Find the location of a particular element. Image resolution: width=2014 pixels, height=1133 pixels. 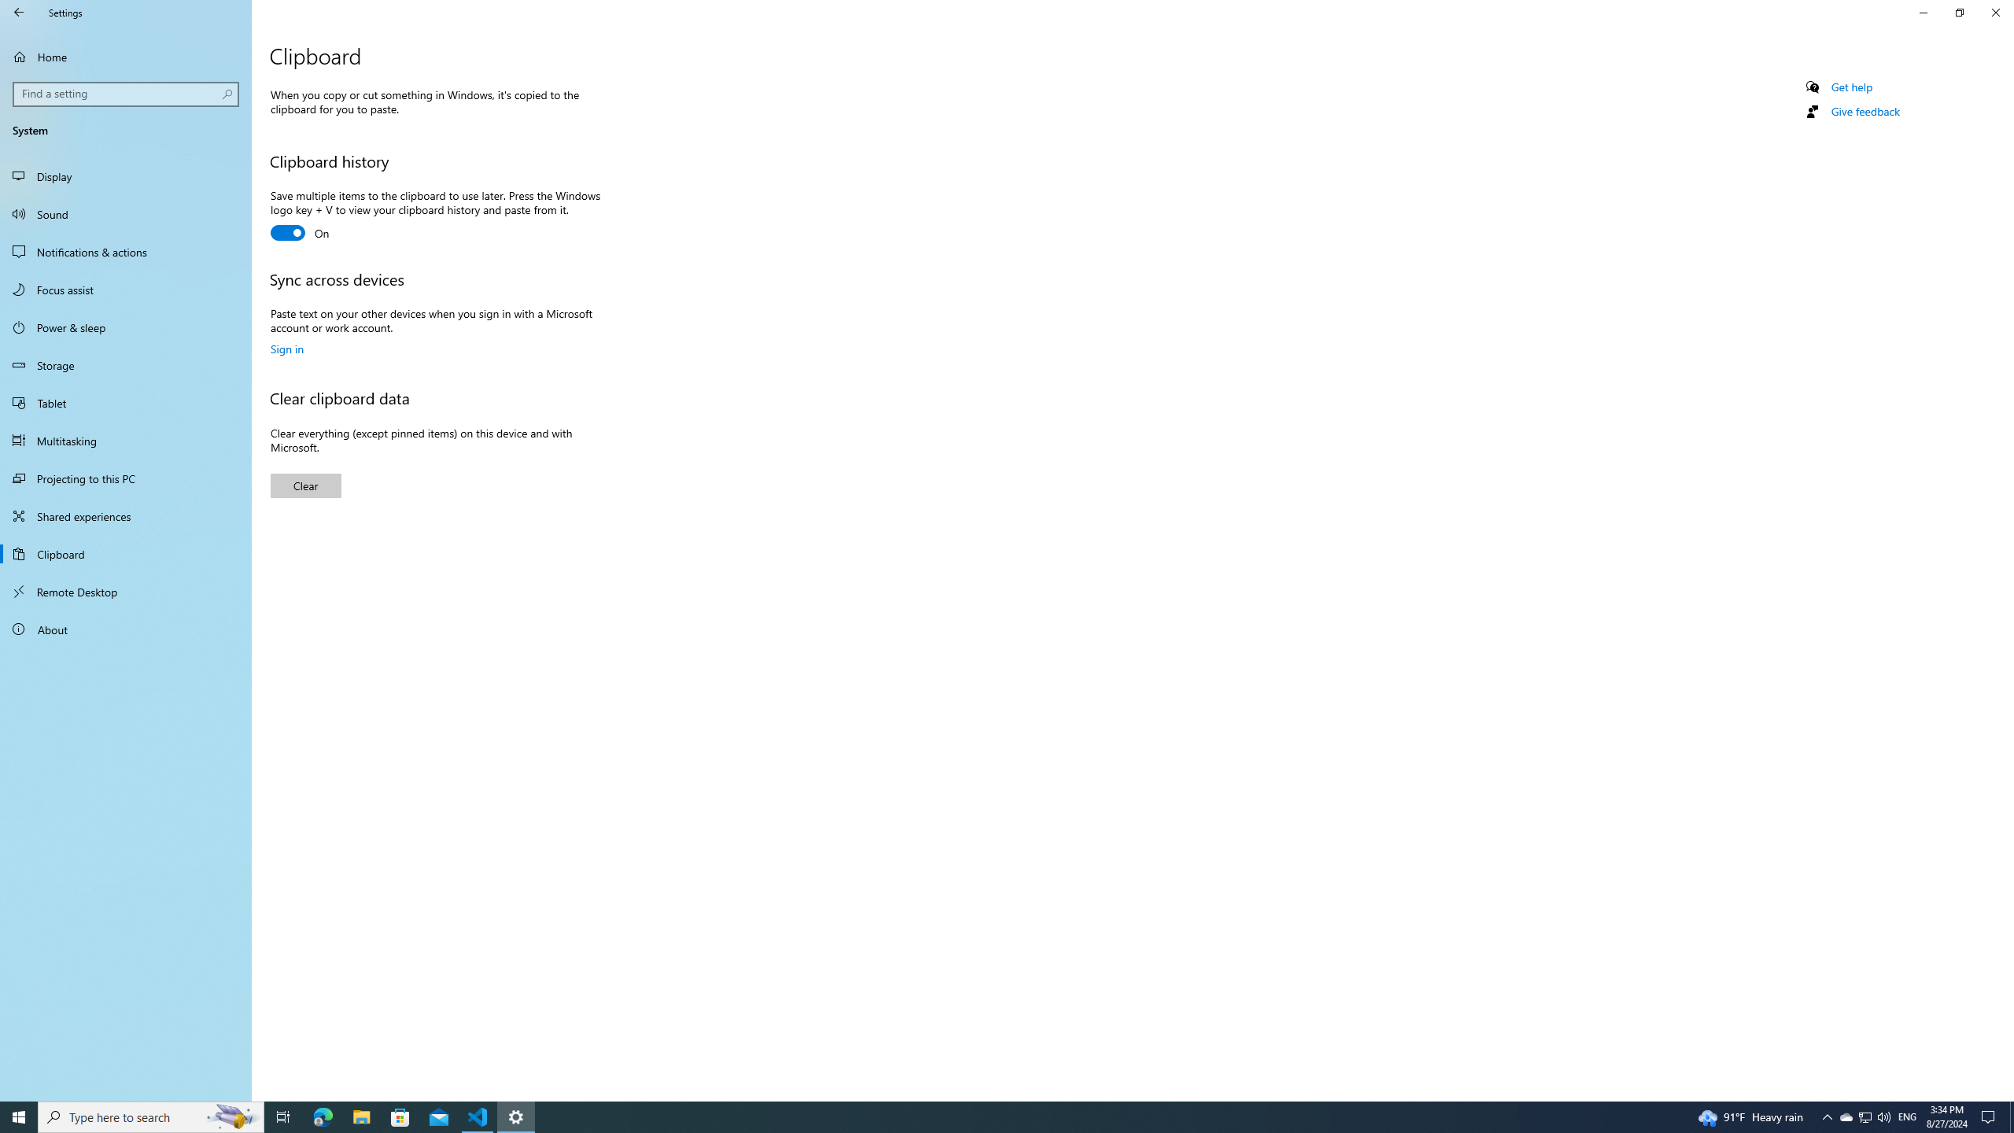

'Clipboard' is located at coordinates (125, 554).